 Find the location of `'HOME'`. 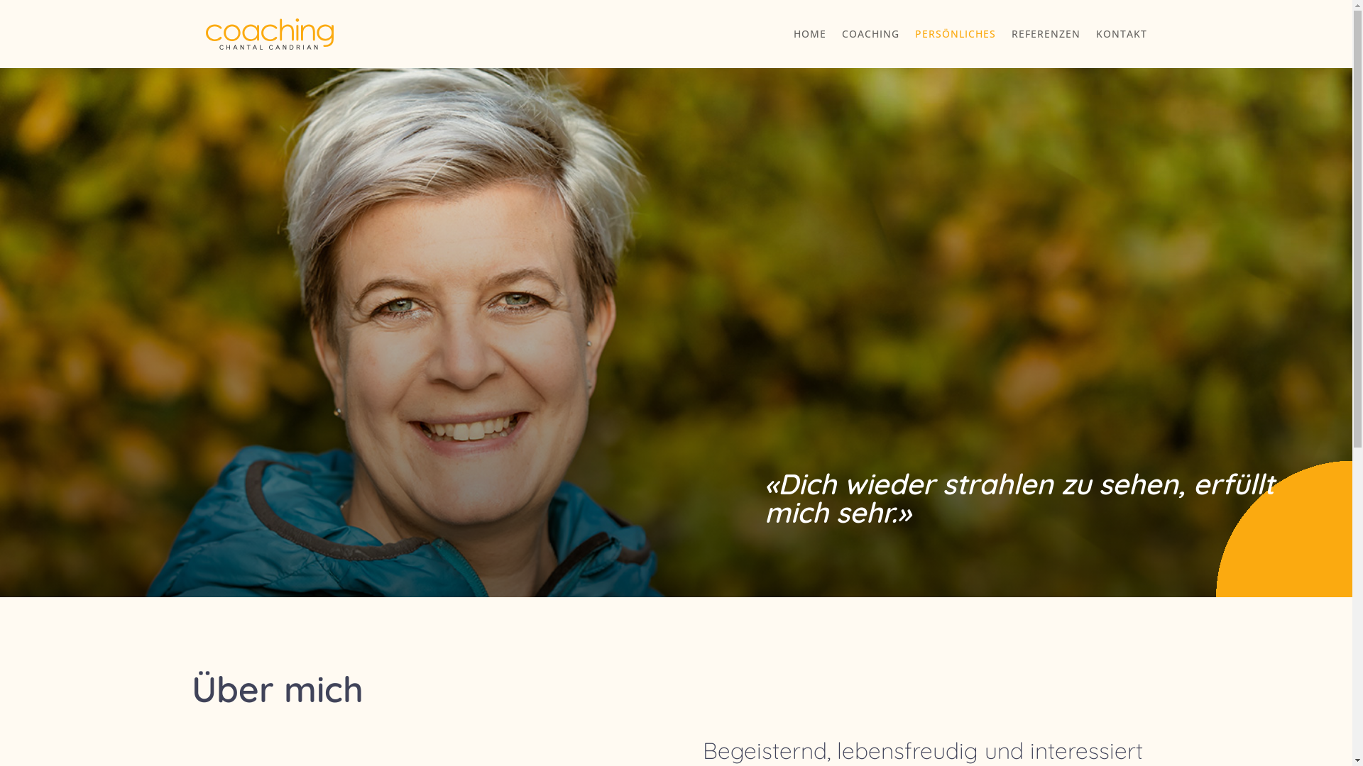

'HOME' is located at coordinates (810, 33).